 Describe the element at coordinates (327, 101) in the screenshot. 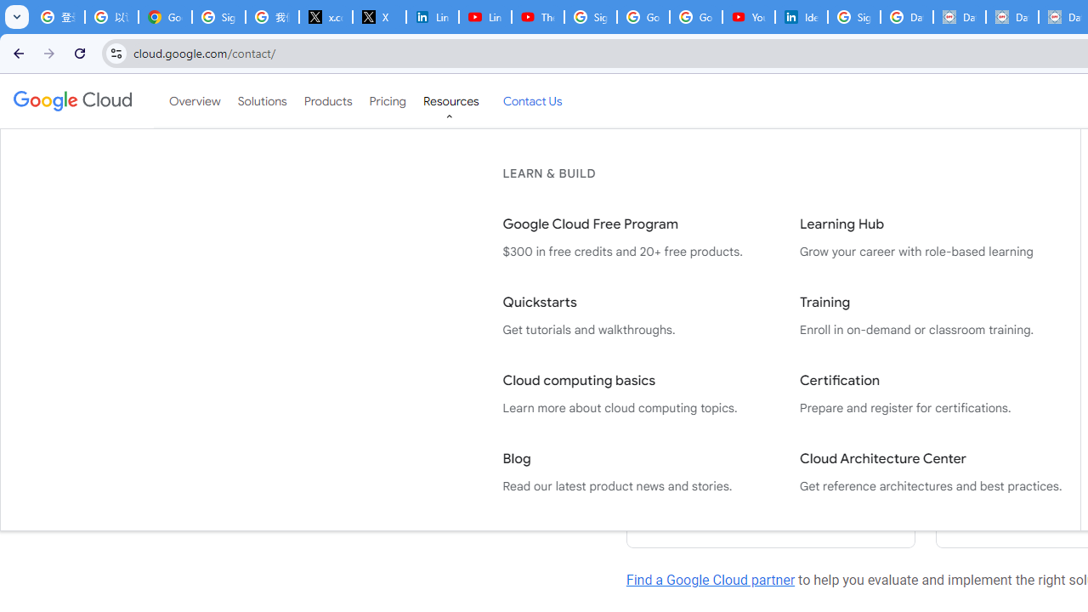

I see `'Products'` at that location.